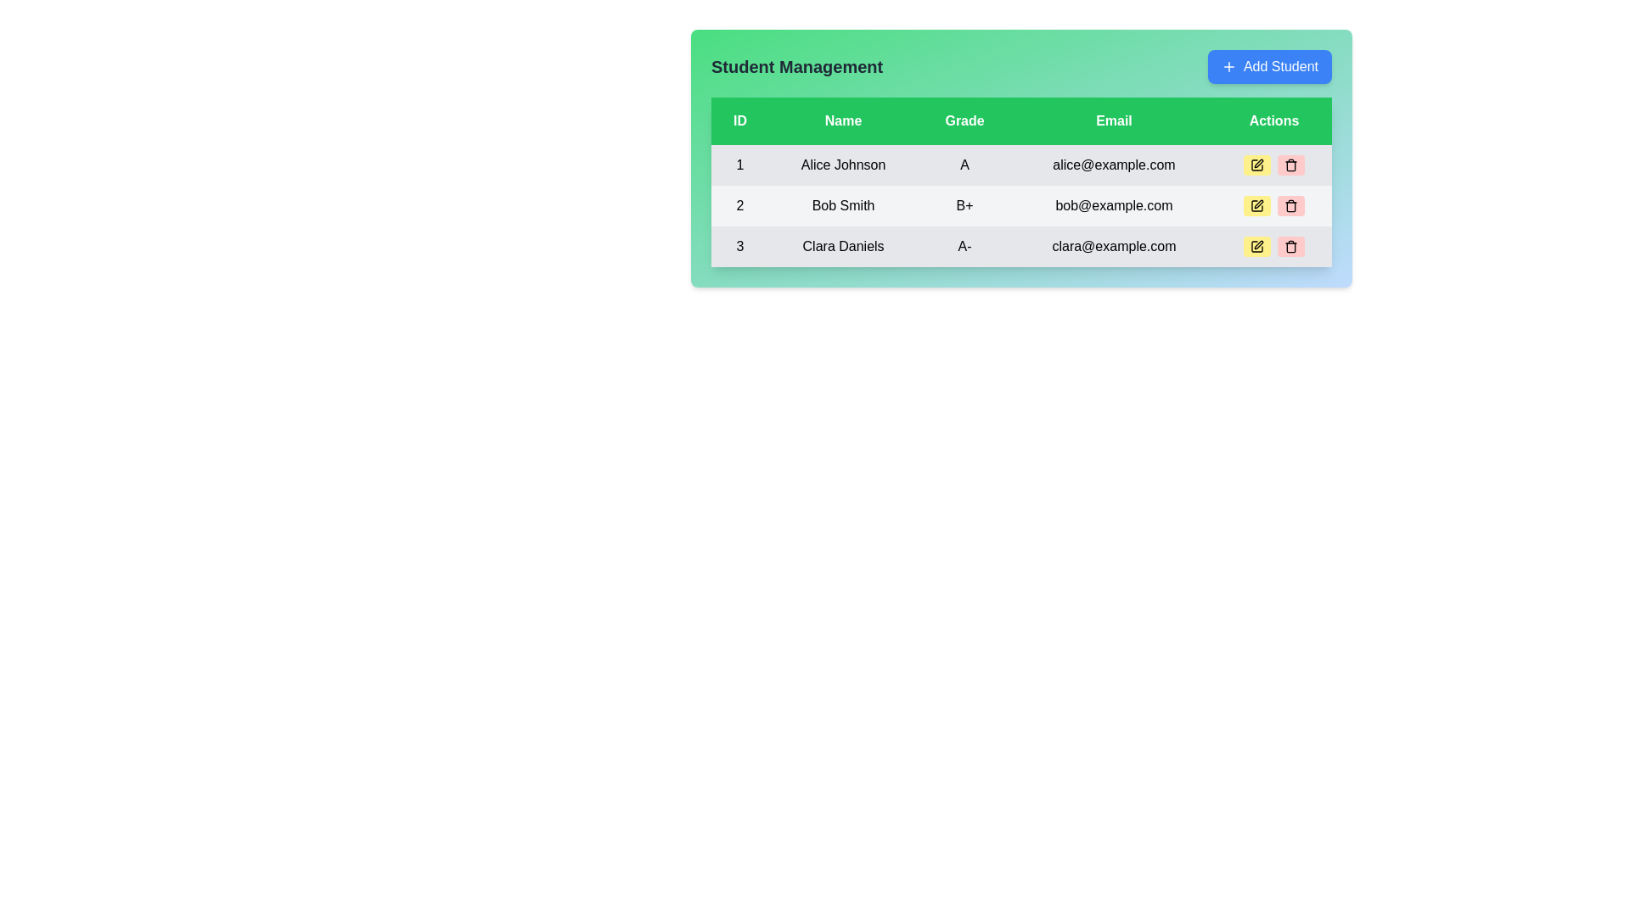 This screenshot has width=1630, height=916. Describe the element at coordinates (740, 165) in the screenshot. I see `the table cell containing the serial number in the first column of the first row, which precedes the 'Name' column with the text 'Alice Johnson'` at that location.